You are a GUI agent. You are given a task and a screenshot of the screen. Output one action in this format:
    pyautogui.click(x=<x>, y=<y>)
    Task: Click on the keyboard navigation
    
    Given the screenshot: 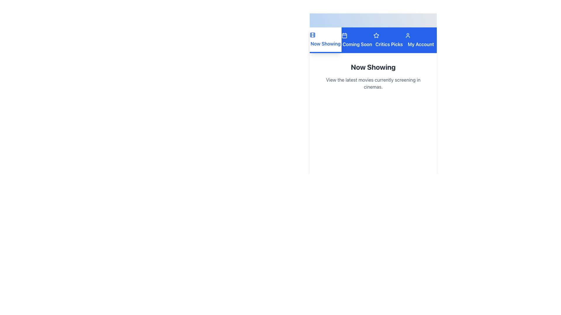 What is the action you would take?
    pyautogui.click(x=389, y=44)
    